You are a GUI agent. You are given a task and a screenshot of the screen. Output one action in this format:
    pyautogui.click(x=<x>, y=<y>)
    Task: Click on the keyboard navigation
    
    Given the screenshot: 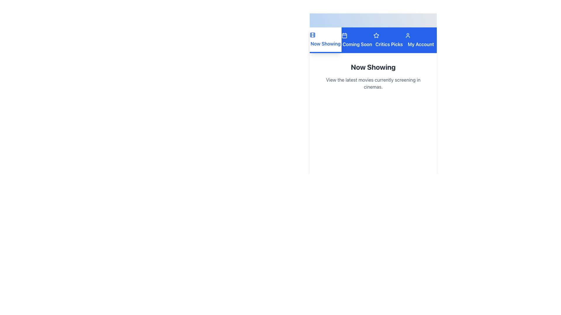 What is the action you would take?
    pyautogui.click(x=389, y=44)
    